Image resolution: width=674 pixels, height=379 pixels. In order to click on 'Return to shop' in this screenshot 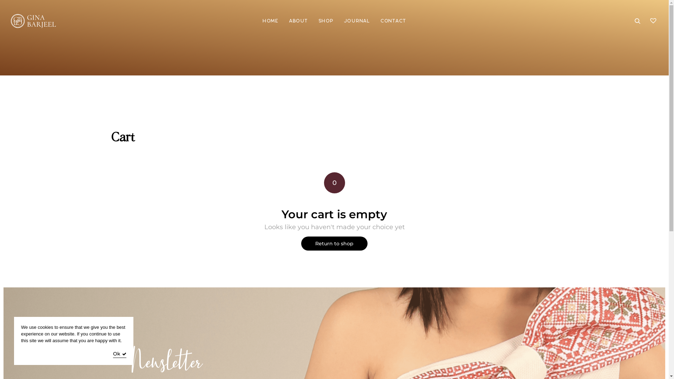, I will do `click(334, 243)`.